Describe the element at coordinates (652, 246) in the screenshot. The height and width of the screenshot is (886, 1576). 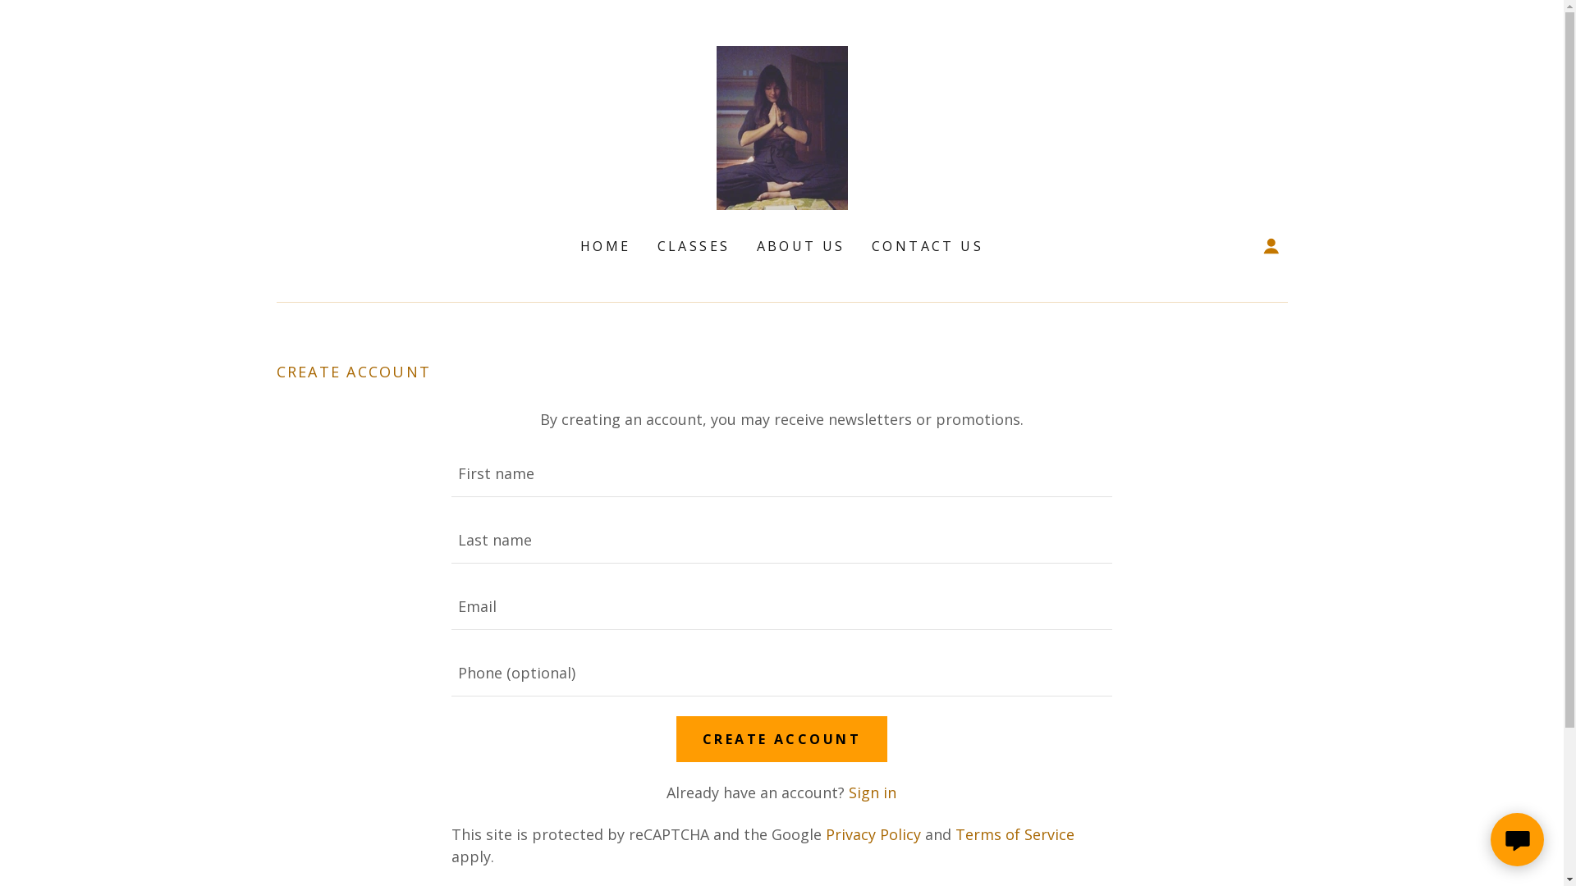
I see `'CLASSES'` at that location.